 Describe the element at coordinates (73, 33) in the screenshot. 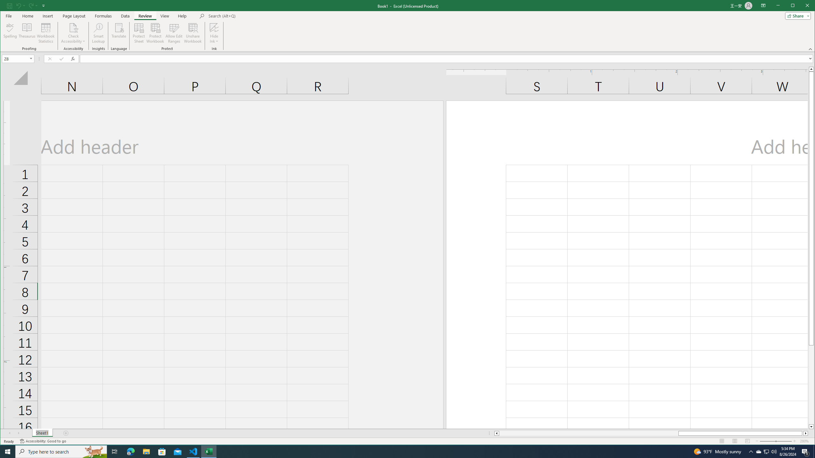

I see `'Check Accessibility'` at that location.